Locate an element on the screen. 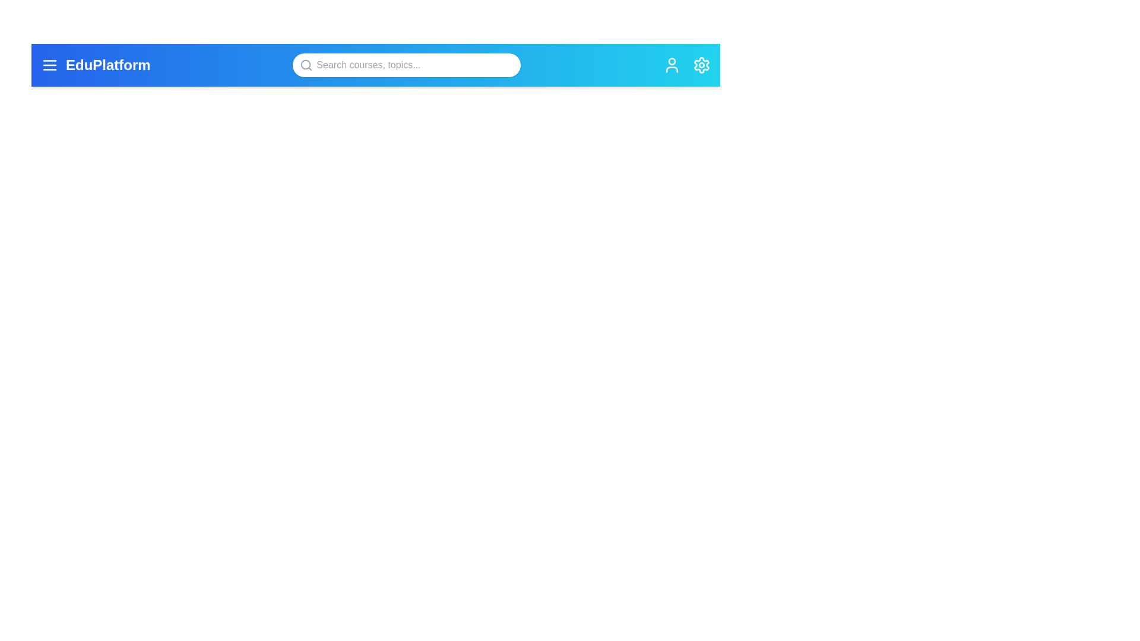 Image resolution: width=1140 pixels, height=641 pixels. the settings icon to open the settings menu is located at coordinates (701, 65).